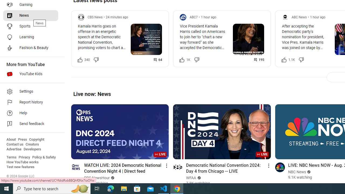  Describe the element at coordinates (22, 162) in the screenshot. I see `'How YouTube works'` at that location.